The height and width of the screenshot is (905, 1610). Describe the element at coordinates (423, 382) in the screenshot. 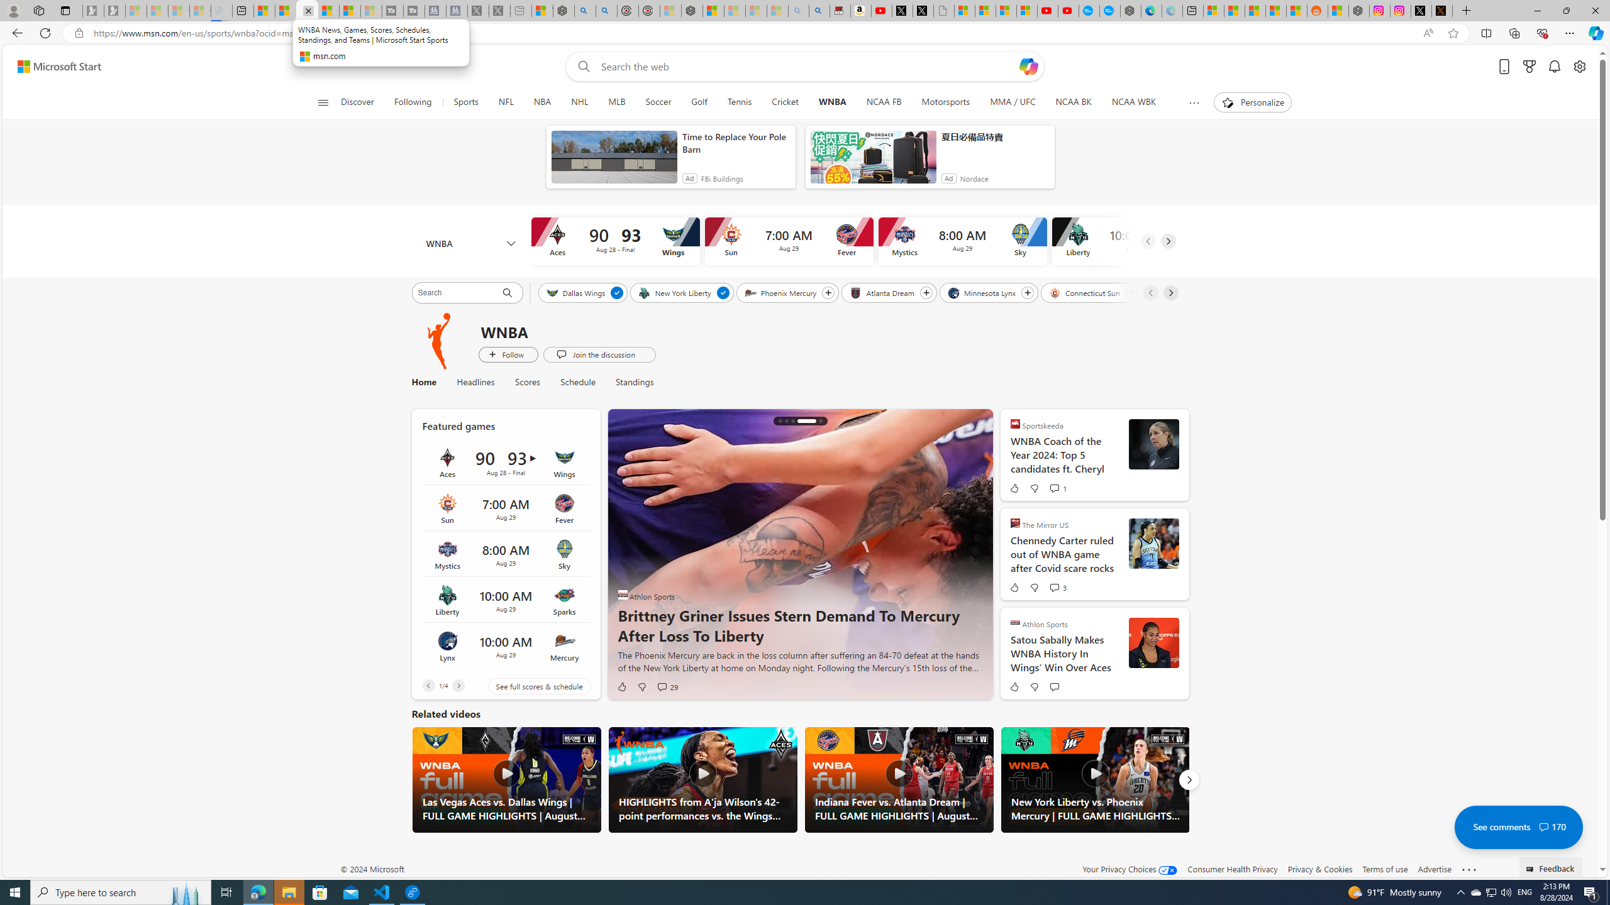

I see `'Home'` at that location.